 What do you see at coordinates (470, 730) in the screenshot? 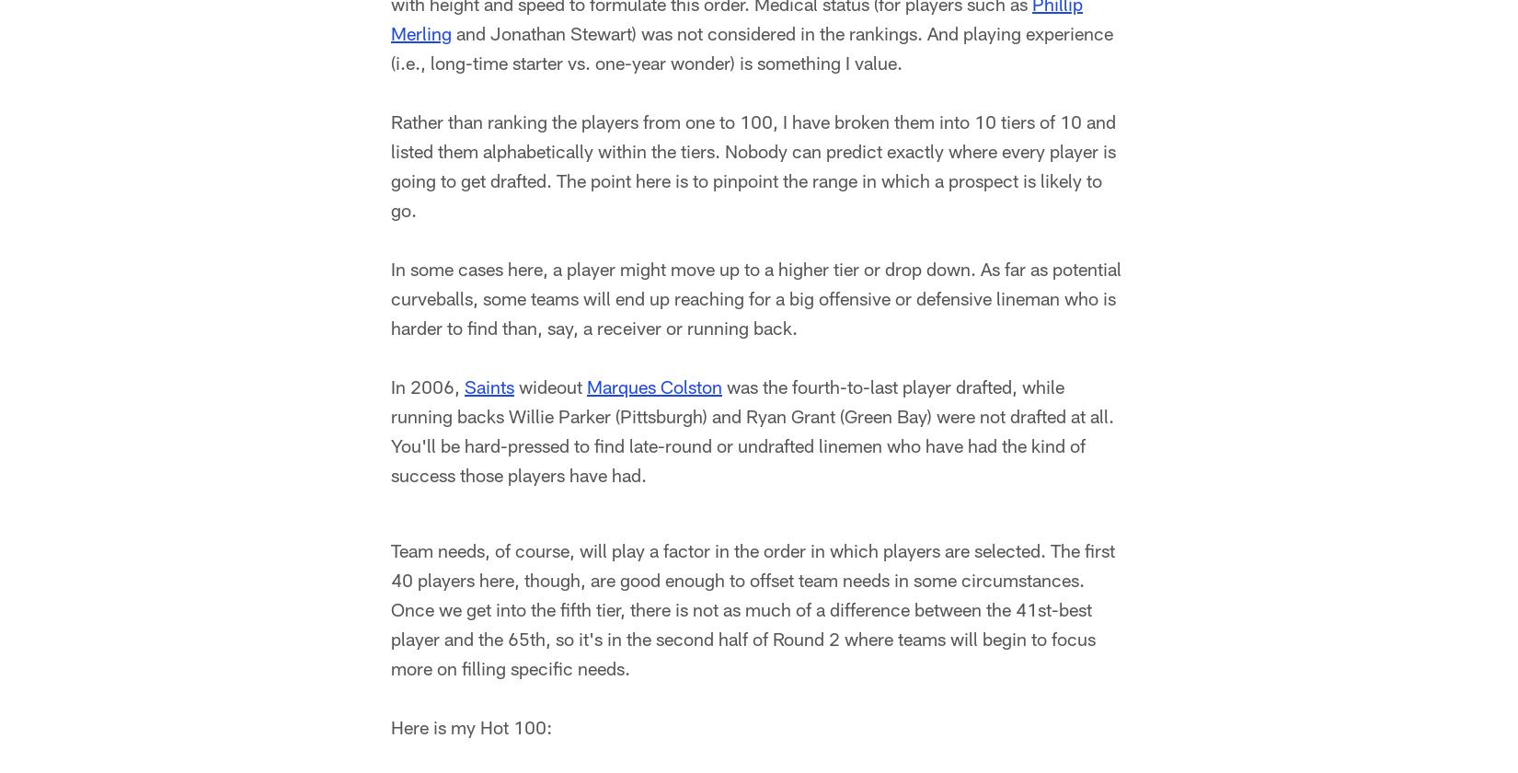
I see `'Here is my Hot 100:'` at bounding box center [470, 730].